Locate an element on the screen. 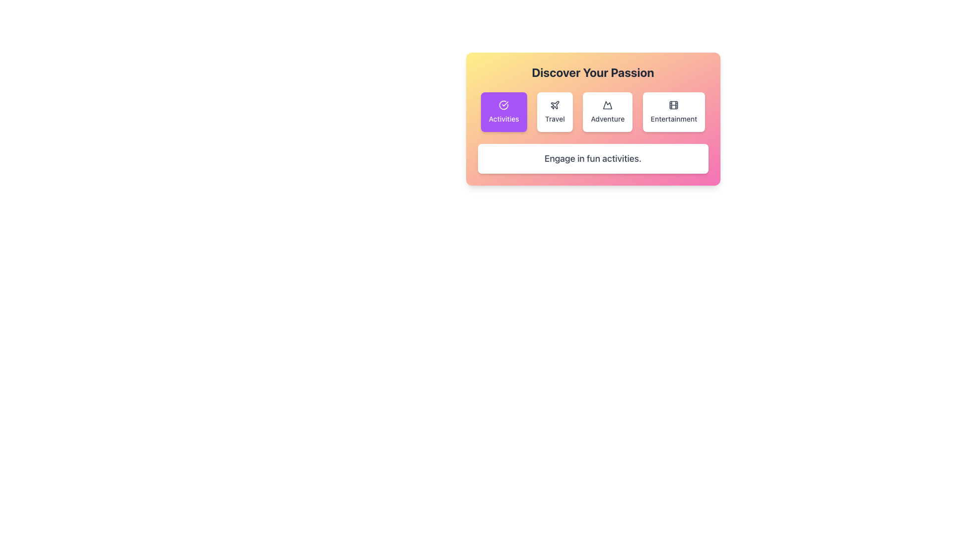  the 'Adventure' icon, which is a decorative graphic indicating the concept of 'Adventure' located within the third button of the top row of icons is located at coordinates (607, 105).